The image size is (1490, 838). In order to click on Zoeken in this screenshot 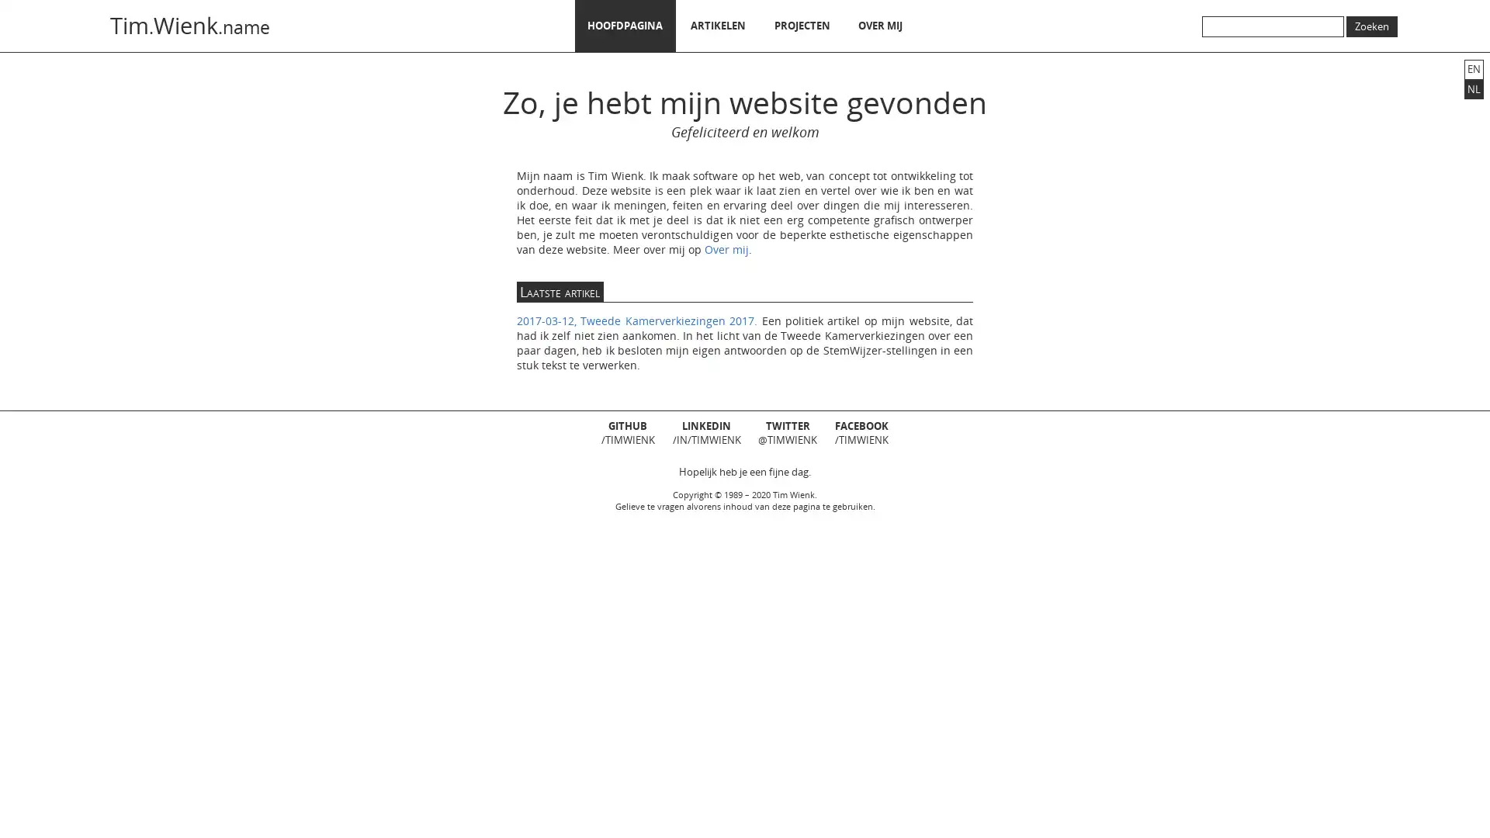, I will do `click(1371, 26)`.